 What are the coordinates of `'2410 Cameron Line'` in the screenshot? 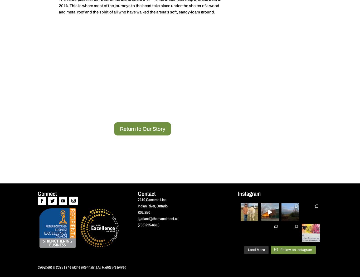 It's located at (152, 200).